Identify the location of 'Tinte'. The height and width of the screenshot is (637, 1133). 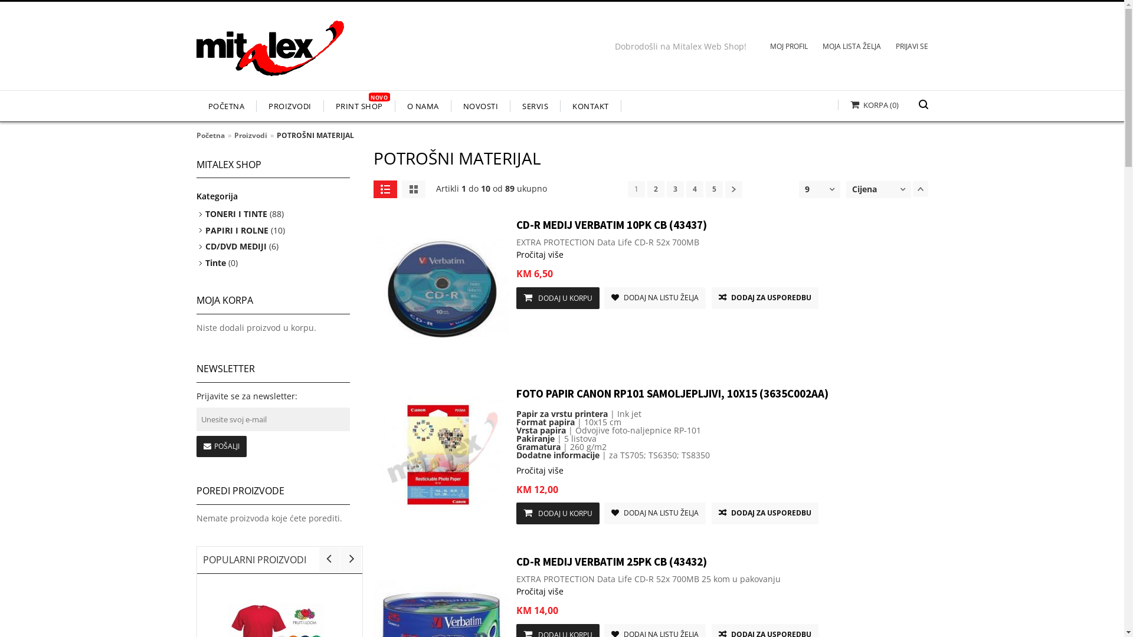
(215, 262).